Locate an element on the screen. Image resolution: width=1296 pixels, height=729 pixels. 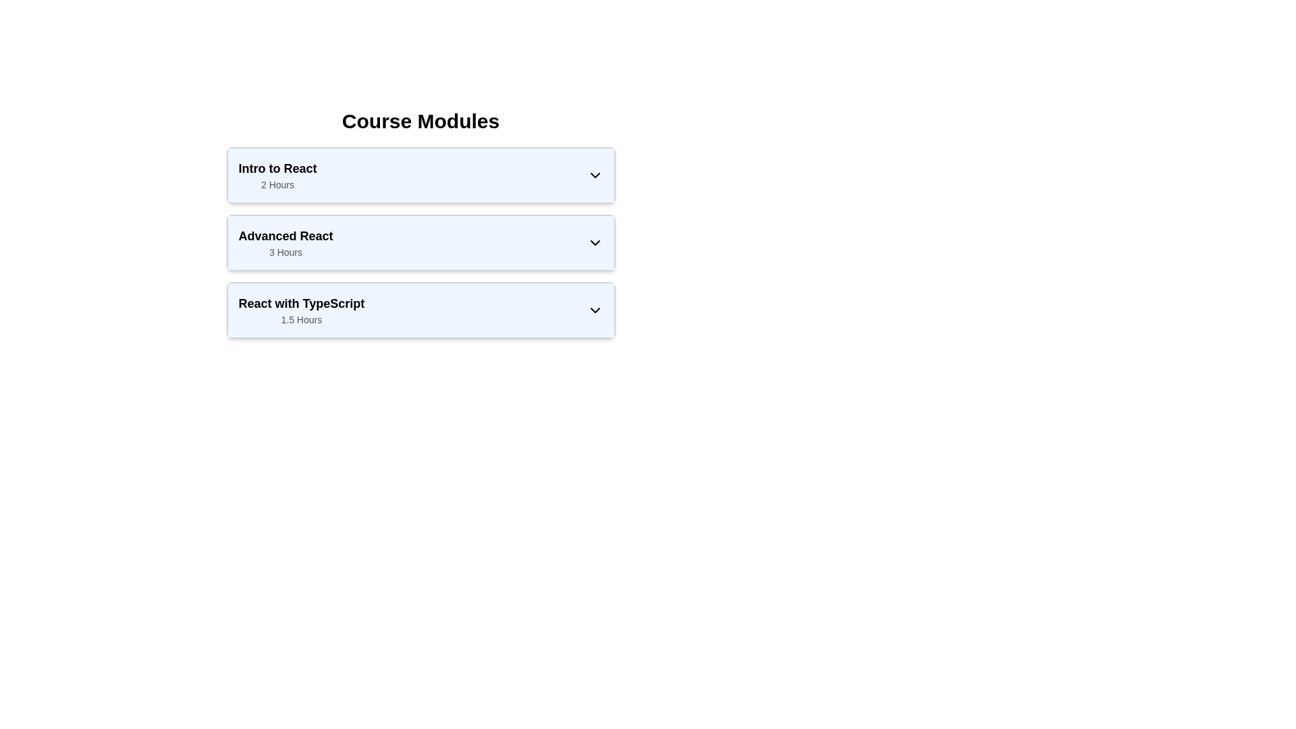
the 'Advanced React' course module list item to interact or expand its details is located at coordinates (420, 230).